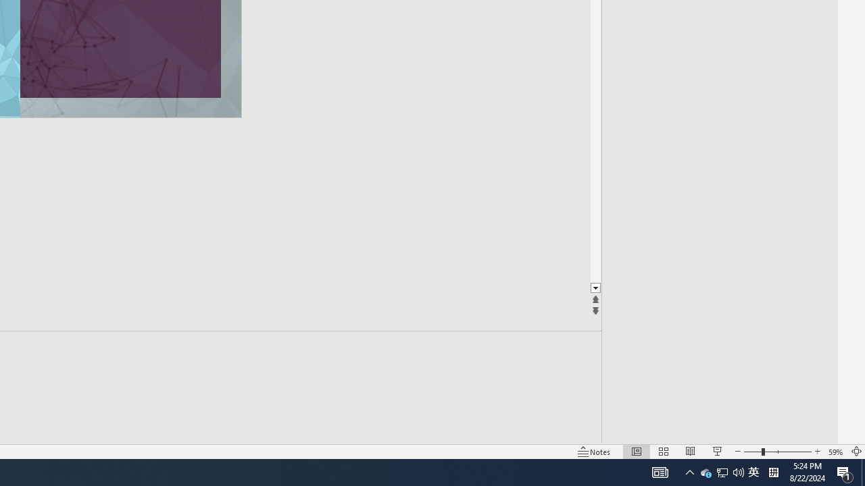 The image size is (865, 486). What do you see at coordinates (835, 452) in the screenshot?
I see `'Zoom 59%'` at bounding box center [835, 452].